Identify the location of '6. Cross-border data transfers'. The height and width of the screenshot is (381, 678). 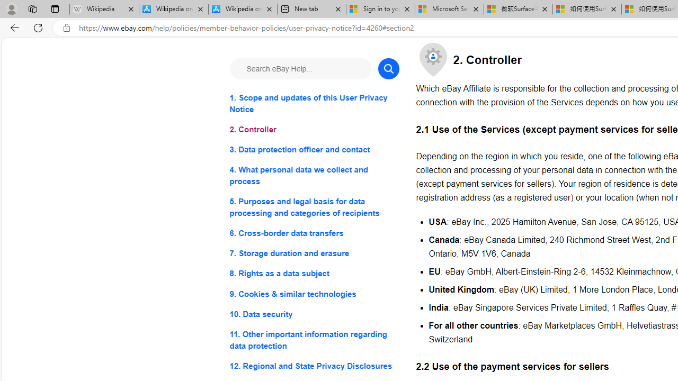
(314, 233).